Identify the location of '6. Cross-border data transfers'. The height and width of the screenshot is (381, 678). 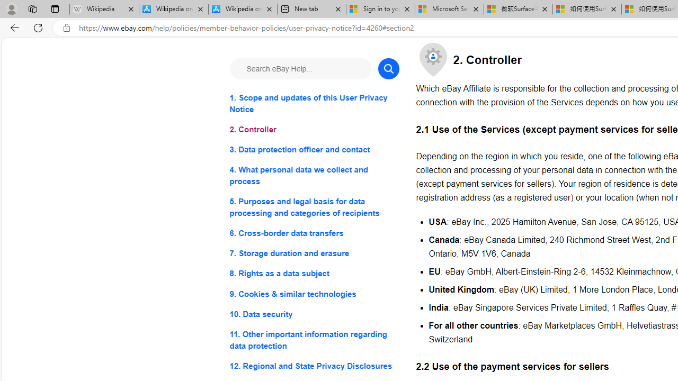
(314, 233).